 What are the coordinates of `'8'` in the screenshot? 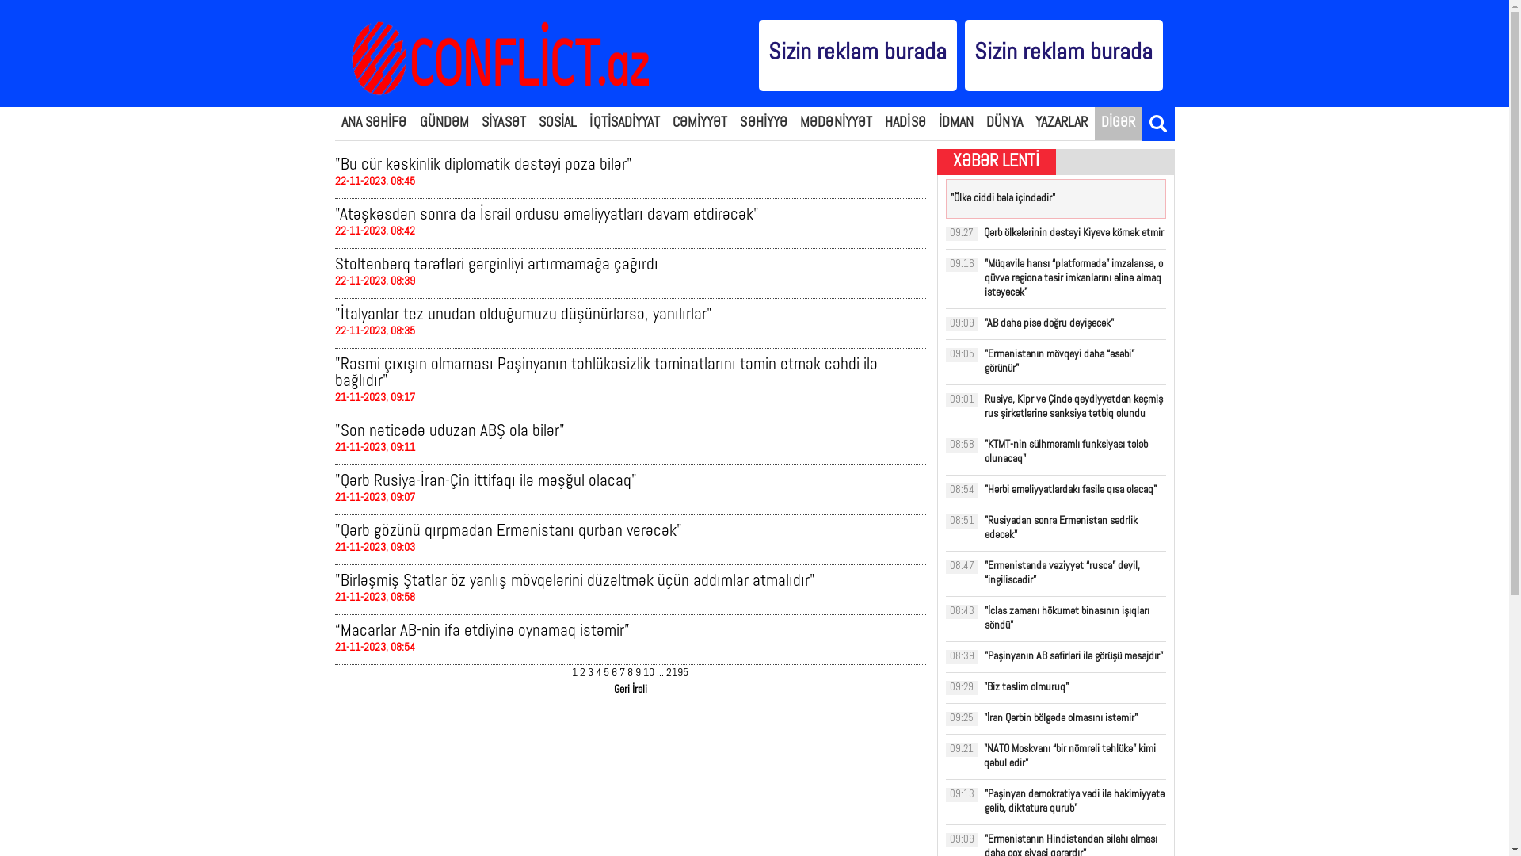 It's located at (627, 673).